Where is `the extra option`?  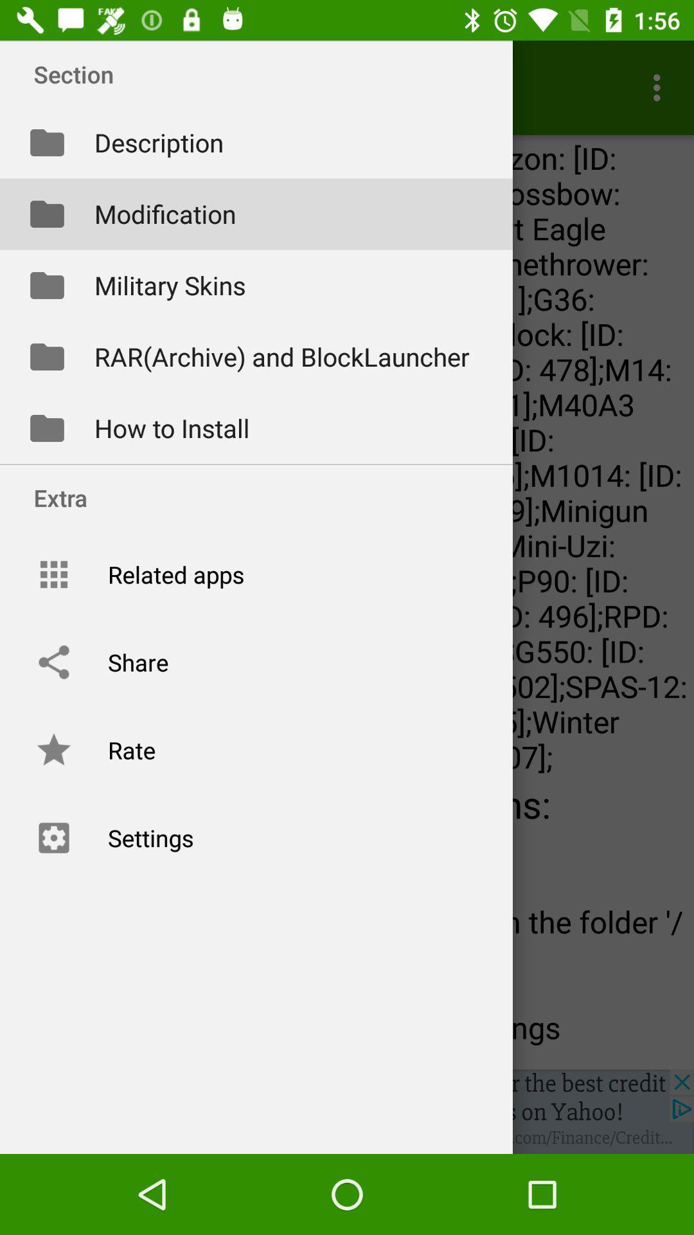 the extra option is located at coordinates (260, 497).